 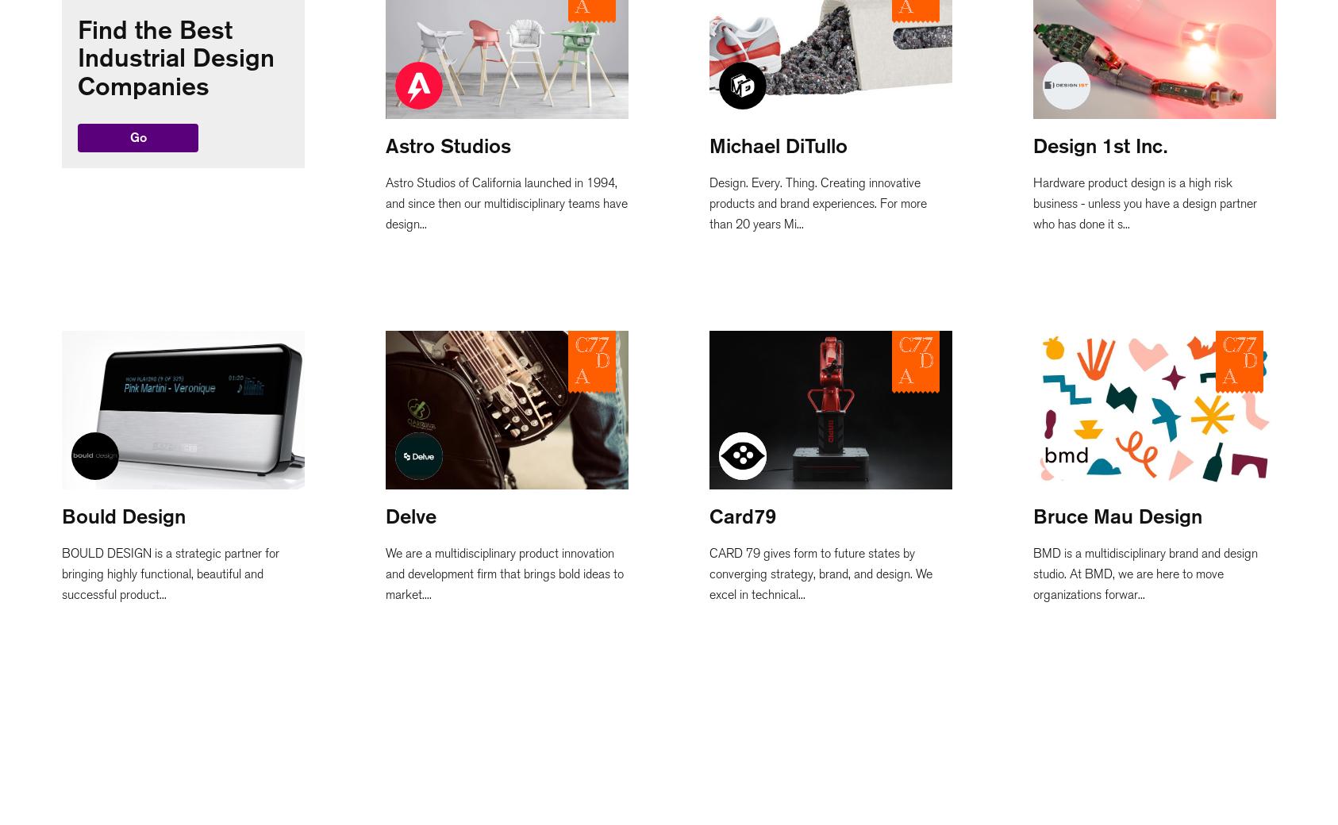 I want to click on 'Delve', so click(x=410, y=515).